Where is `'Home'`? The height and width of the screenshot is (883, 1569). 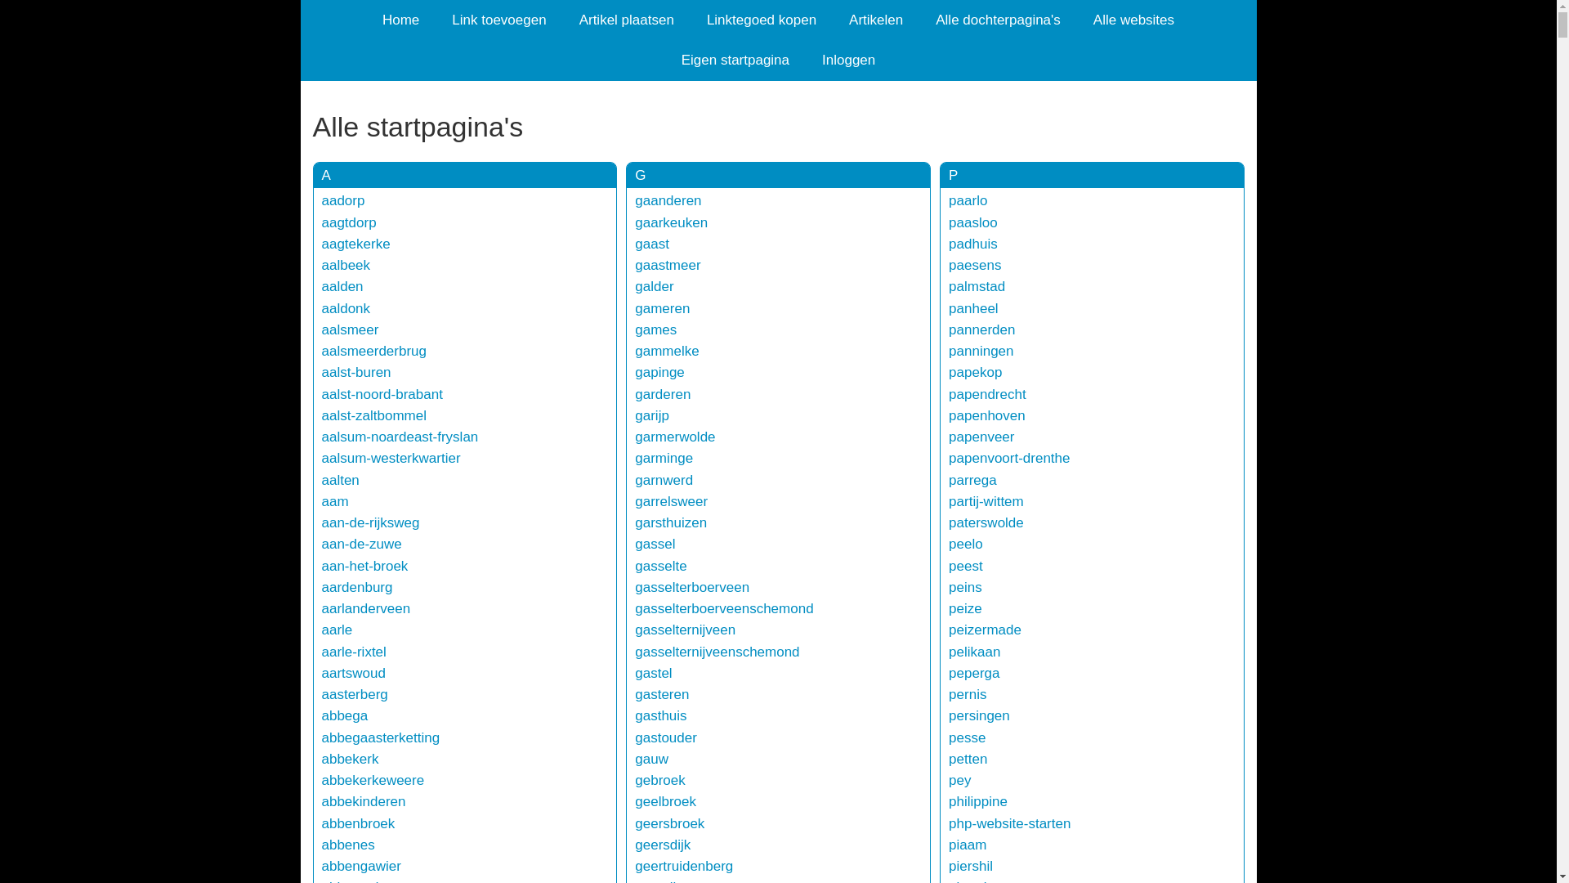
'Home' is located at coordinates (400, 20).